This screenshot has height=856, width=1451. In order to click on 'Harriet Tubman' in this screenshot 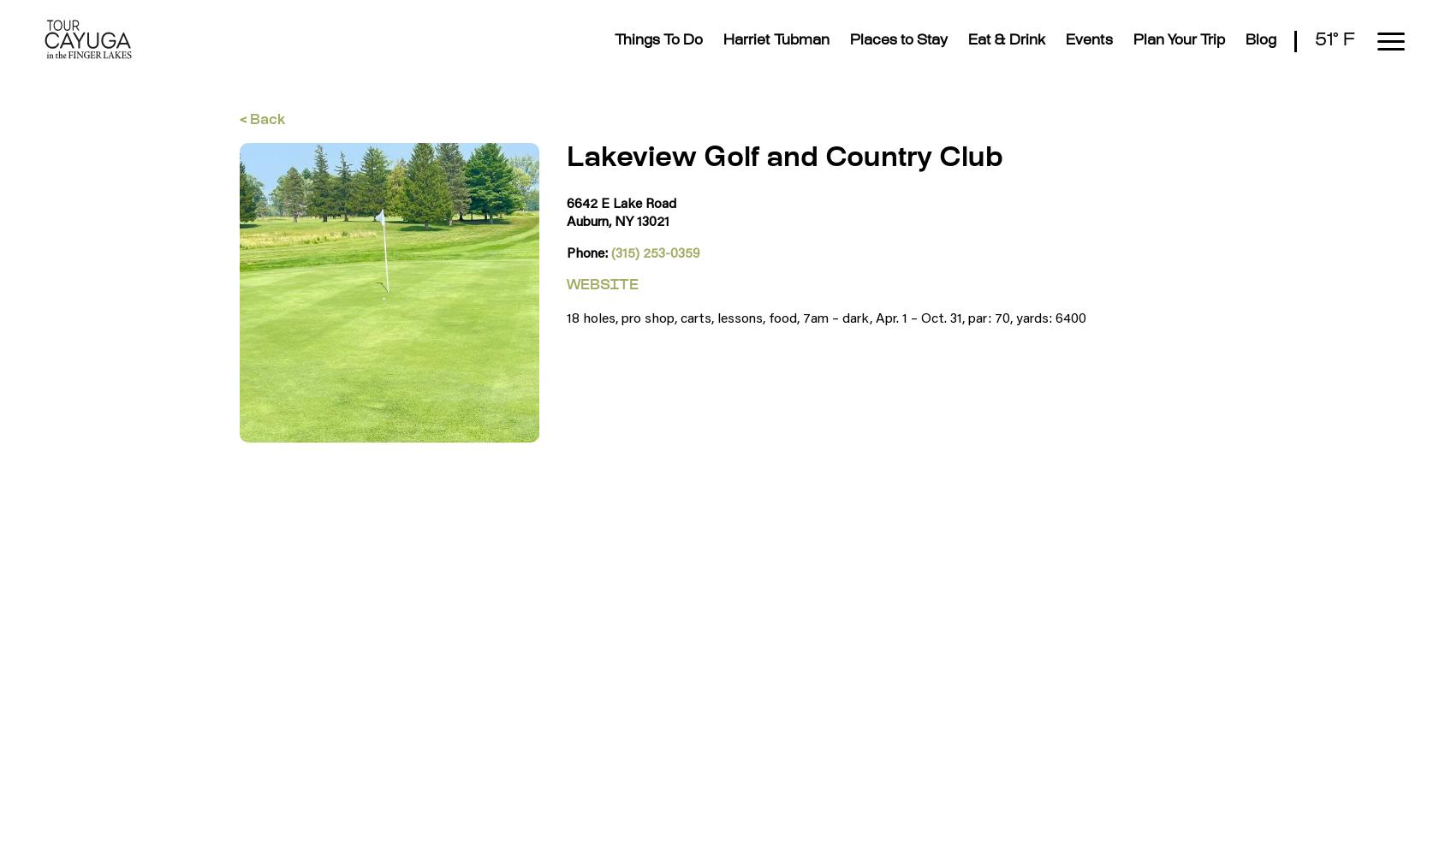, I will do `click(775, 40)`.